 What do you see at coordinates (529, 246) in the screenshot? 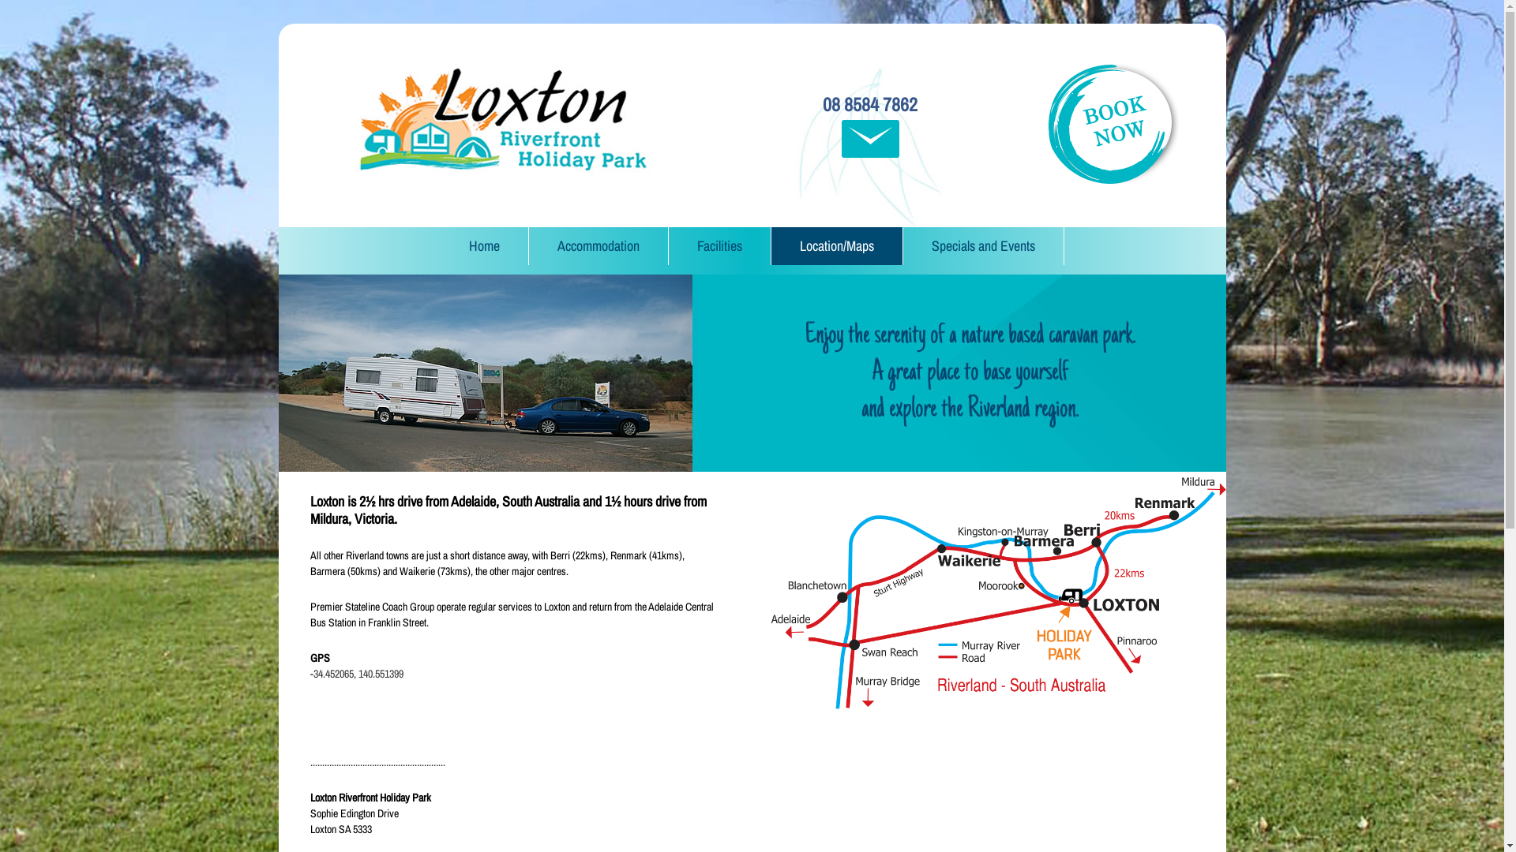
I see `'Accommodation'` at bounding box center [529, 246].